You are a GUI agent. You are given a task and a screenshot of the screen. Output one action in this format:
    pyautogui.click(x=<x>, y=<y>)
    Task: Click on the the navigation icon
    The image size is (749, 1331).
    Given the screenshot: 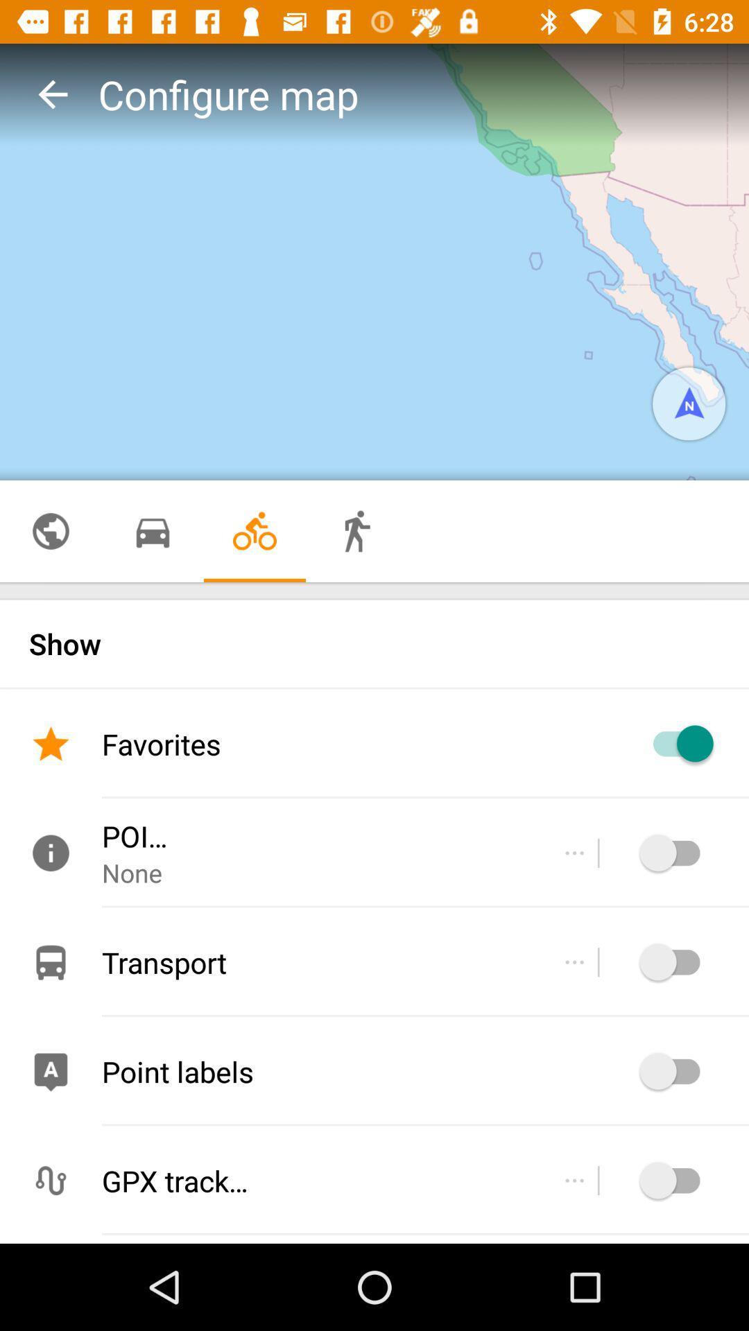 What is the action you would take?
    pyautogui.click(x=689, y=403)
    